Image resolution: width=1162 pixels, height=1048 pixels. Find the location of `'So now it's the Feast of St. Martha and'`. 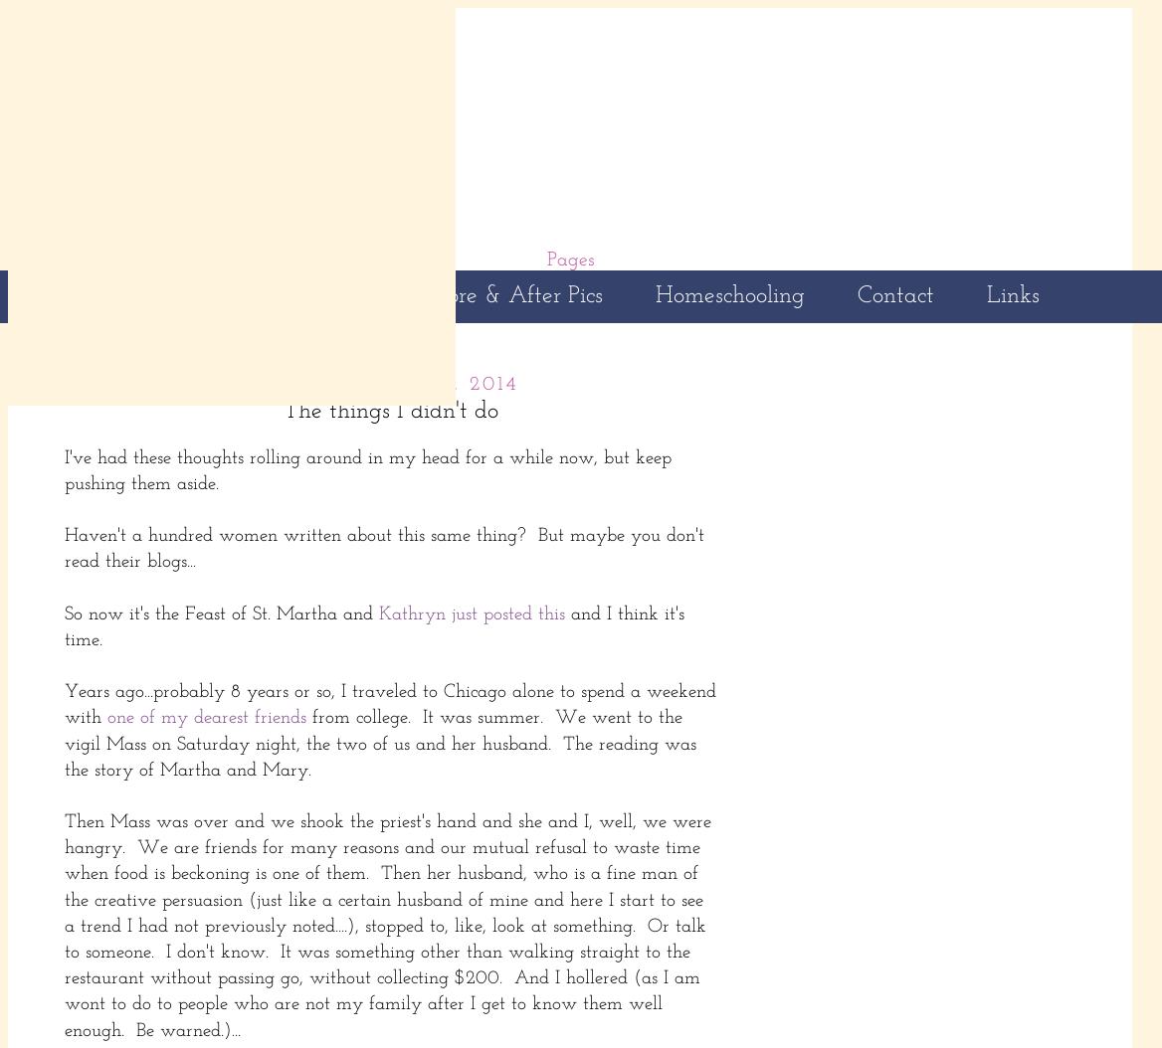

'So now it's the Feast of St. Martha and' is located at coordinates (220, 612).